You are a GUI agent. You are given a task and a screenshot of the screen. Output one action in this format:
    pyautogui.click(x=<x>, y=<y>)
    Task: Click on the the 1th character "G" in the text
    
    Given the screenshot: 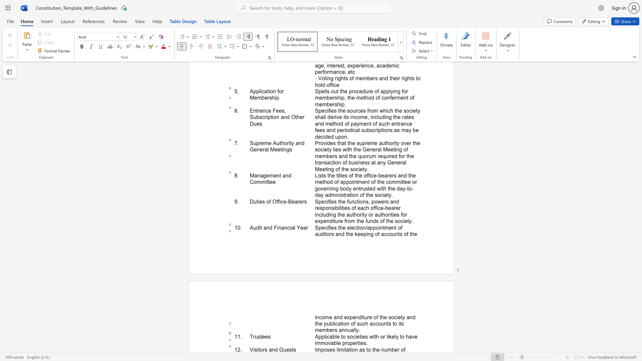 What is the action you would take?
    pyautogui.click(x=281, y=349)
    